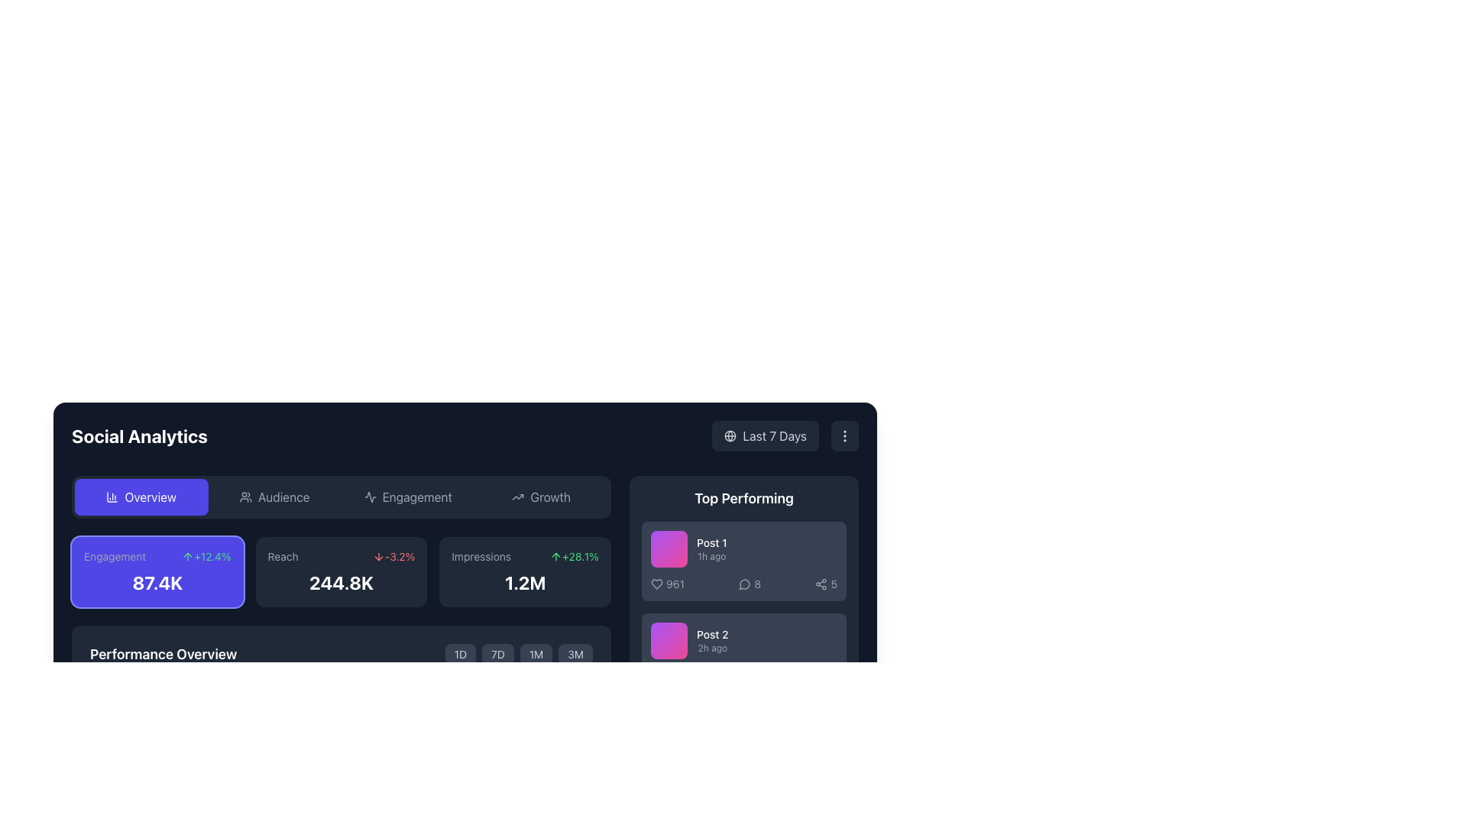 The image size is (1467, 825). I want to click on the Card-like info display panel with a vibrant purple background and the text '87.4K' at the bottom center, so click(157, 571).